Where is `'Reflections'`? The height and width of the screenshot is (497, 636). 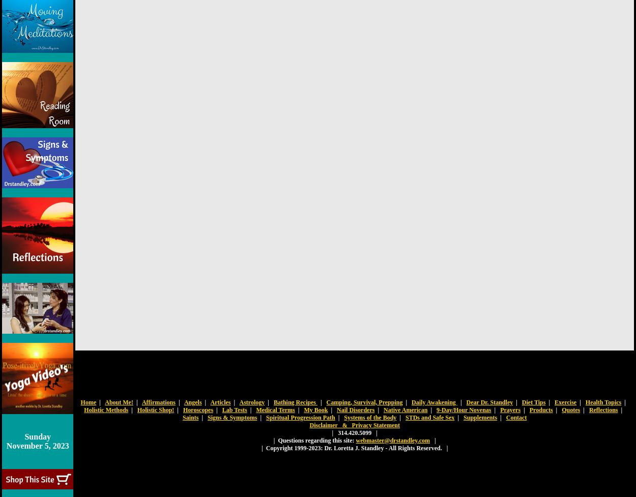 'Reflections' is located at coordinates (589, 410).